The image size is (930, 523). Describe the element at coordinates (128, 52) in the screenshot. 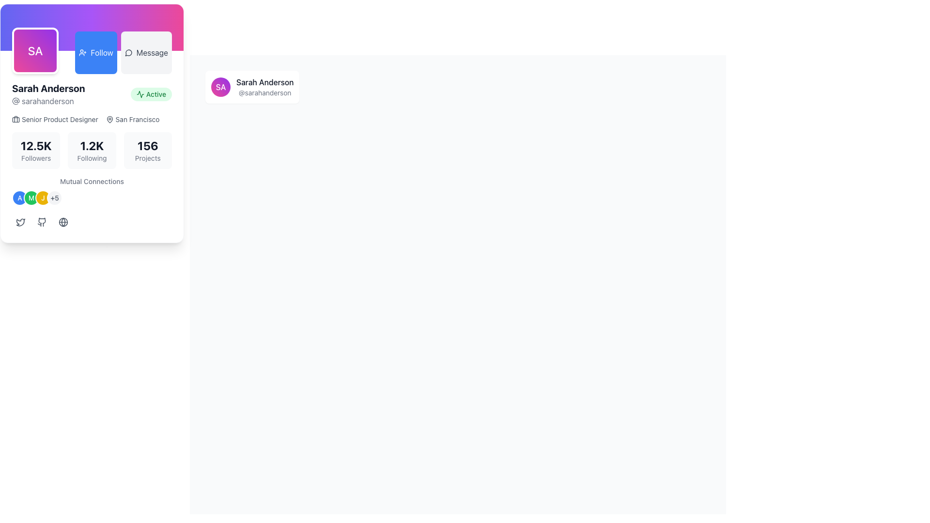

I see `the small speech bubble icon representing the messaging feature, located to the left of the 'Message' text within the button in the top right section of the interface` at that location.